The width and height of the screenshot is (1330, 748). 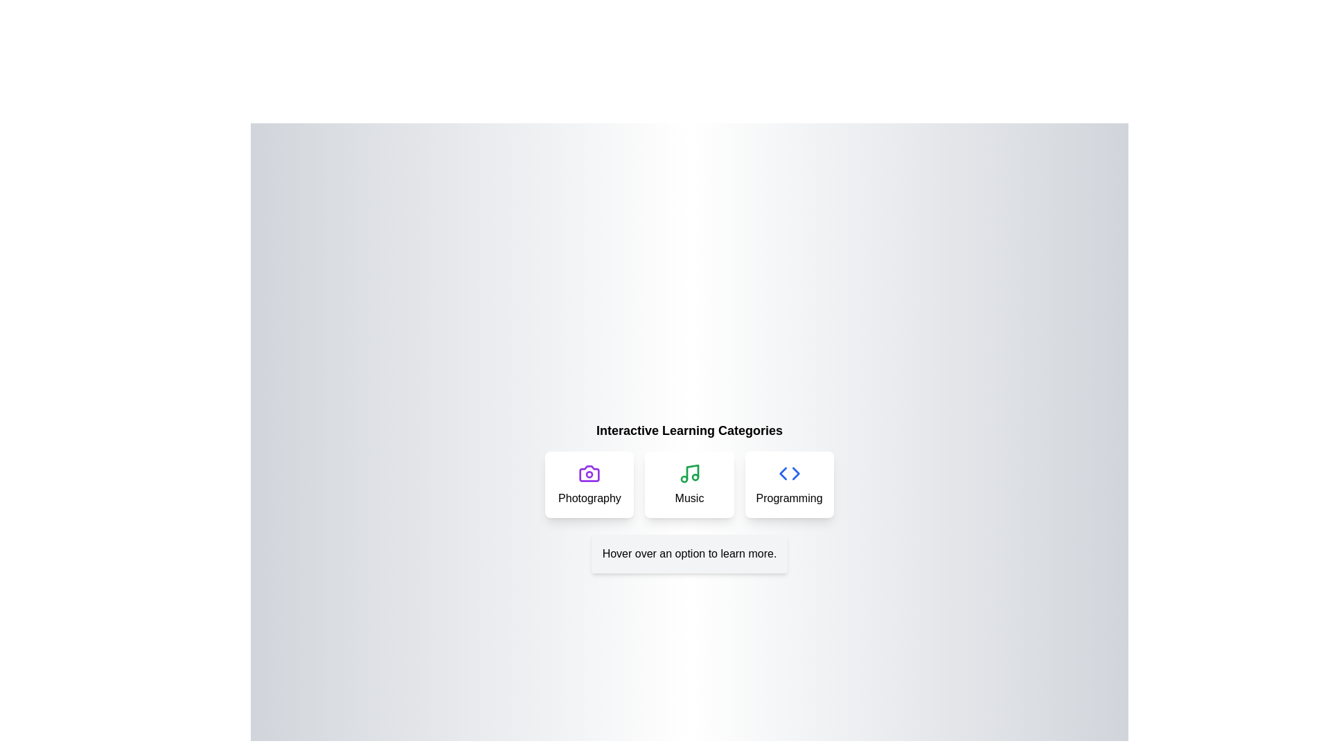 What do you see at coordinates (589, 483) in the screenshot?
I see `the leftmost card in a grid layout, which features a white background, rounded corners, and a purple outline camera icon at the top center with the text 'Photography' below it` at bounding box center [589, 483].